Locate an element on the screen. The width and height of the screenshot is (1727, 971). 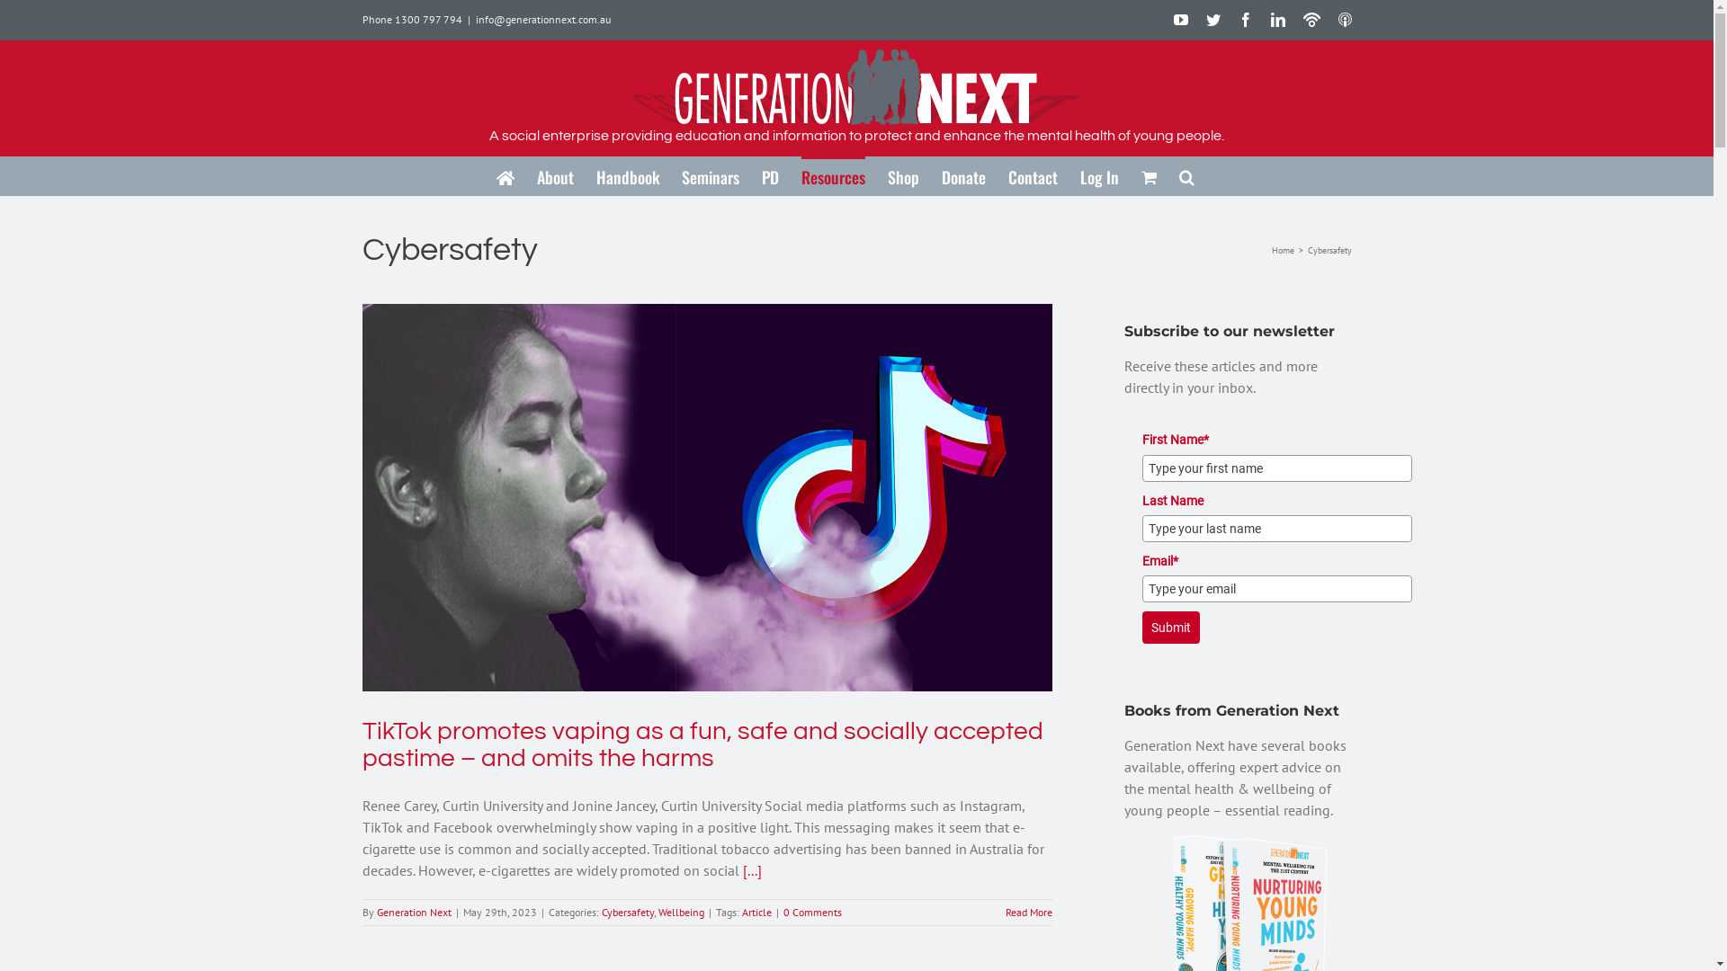
'Donate' is located at coordinates (962, 175).